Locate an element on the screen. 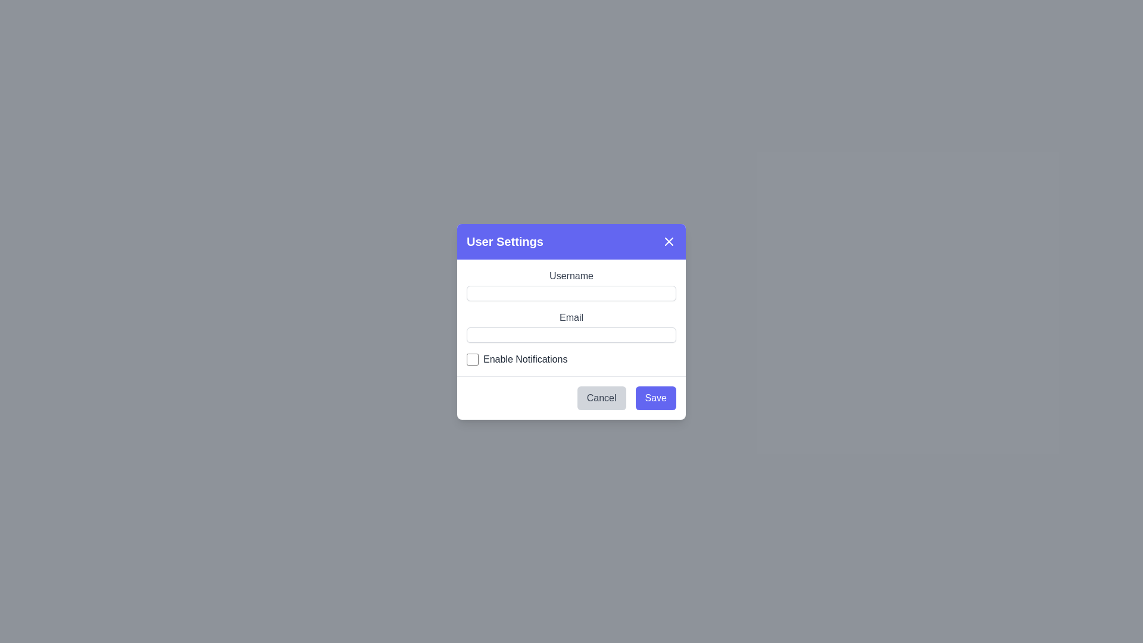 The height and width of the screenshot is (643, 1143). the Close button in the top-right corner of the 'User Settings' dialog is located at coordinates (669, 241).